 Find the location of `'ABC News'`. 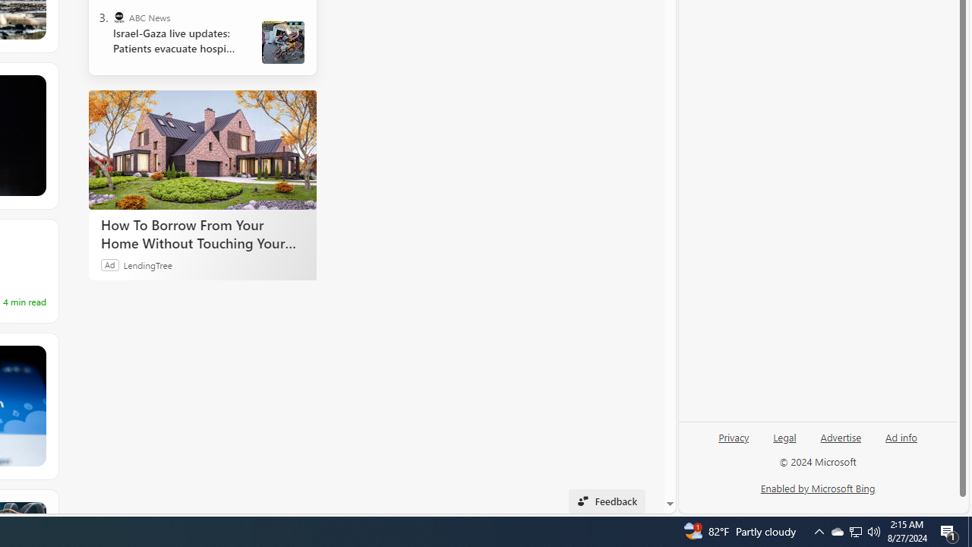

'ABC News' is located at coordinates (118, 17).